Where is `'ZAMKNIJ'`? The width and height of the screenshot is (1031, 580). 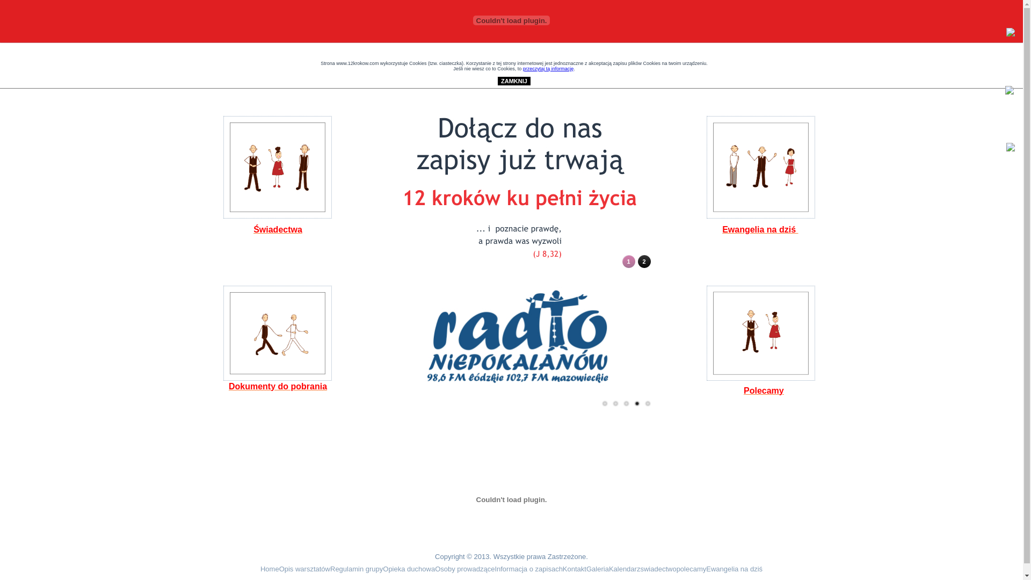 'ZAMKNIJ' is located at coordinates (513, 80).